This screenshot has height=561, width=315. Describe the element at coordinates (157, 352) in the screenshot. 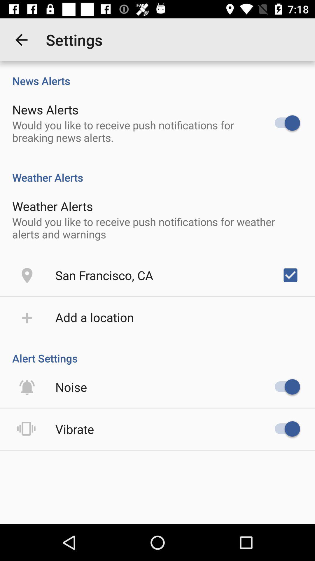

I see `the alert settings` at that location.